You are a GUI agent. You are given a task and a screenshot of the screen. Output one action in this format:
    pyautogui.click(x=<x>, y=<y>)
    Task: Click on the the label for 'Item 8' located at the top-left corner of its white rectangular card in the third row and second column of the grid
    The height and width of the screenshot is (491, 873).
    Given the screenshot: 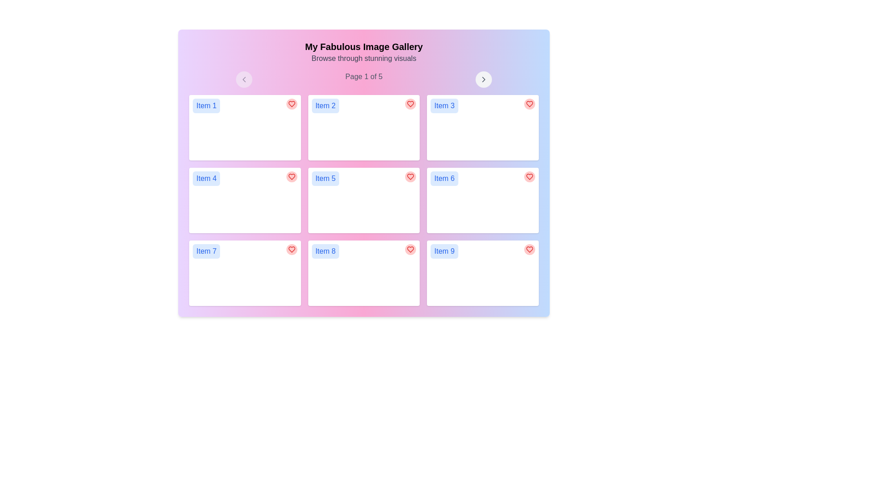 What is the action you would take?
    pyautogui.click(x=325, y=251)
    